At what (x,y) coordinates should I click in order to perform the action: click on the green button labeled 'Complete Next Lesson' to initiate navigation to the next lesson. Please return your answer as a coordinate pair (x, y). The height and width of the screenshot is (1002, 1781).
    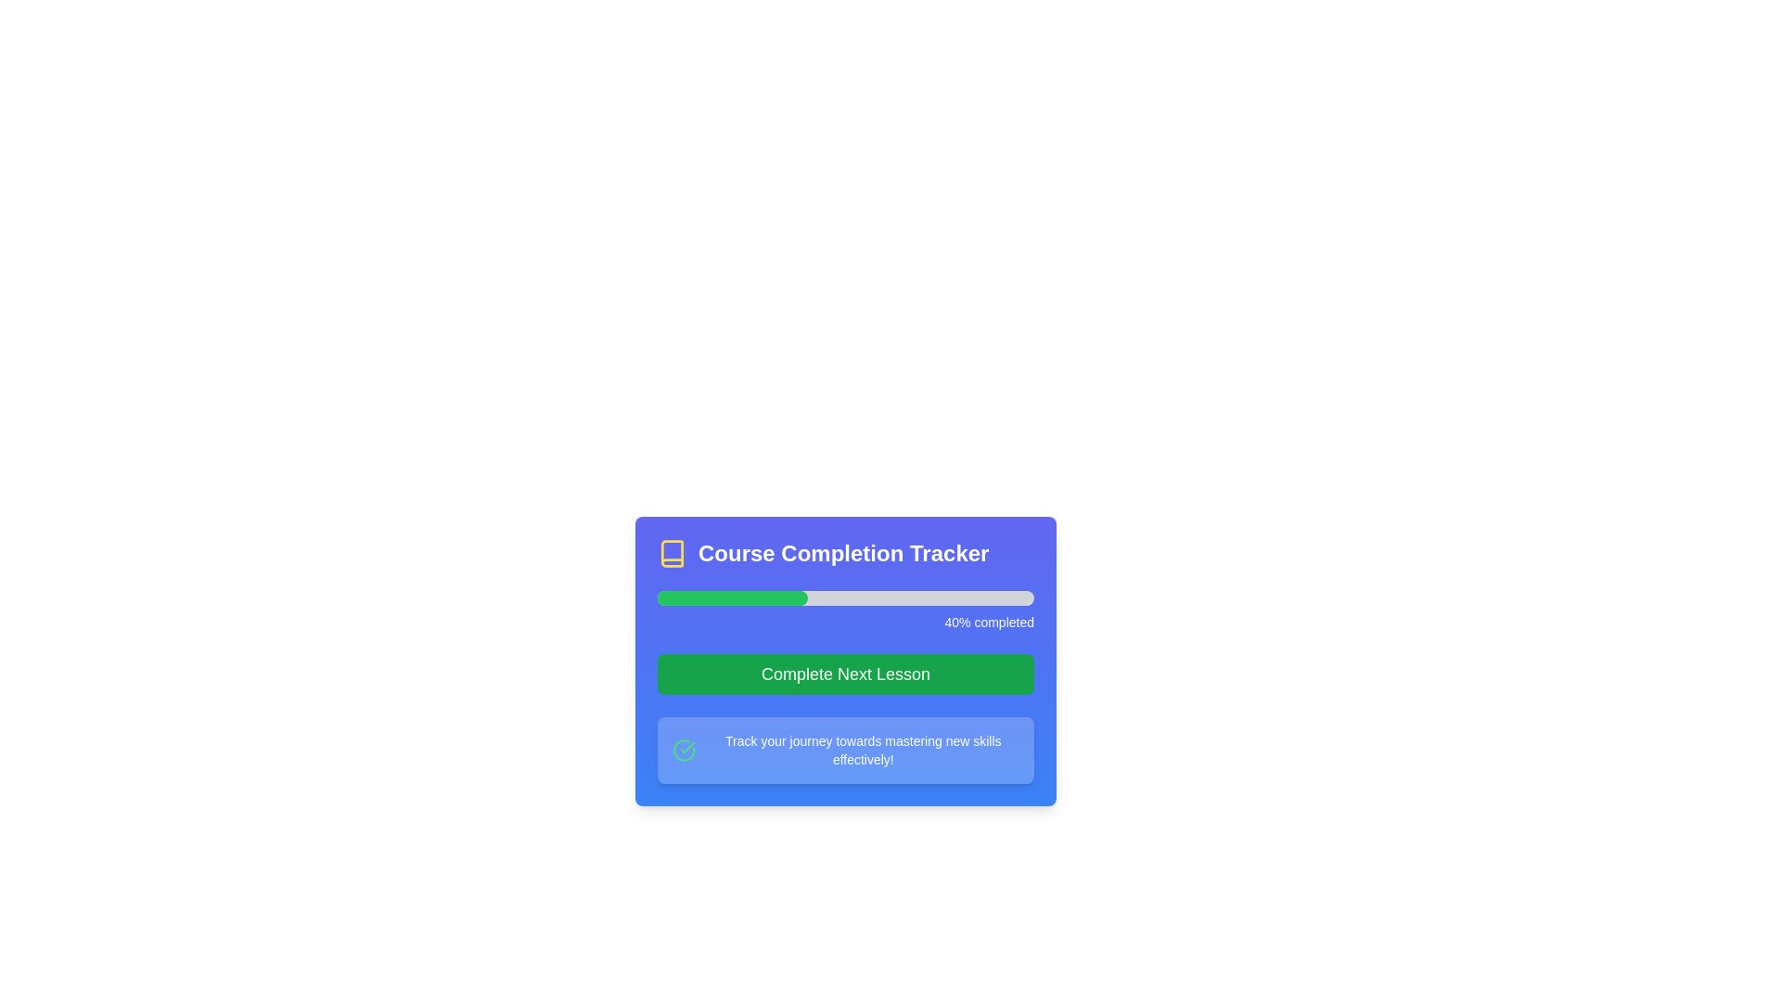
    Looking at the image, I should click on (845, 674).